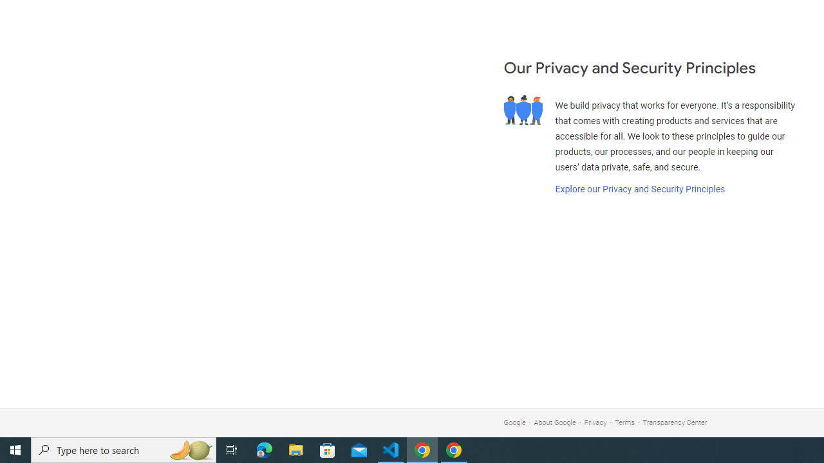 The width and height of the screenshot is (824, 463). Describe the element at coordinates (639, 189) in the screenshot. I see `'Explore our Privacy and Security Principles'` at that location.